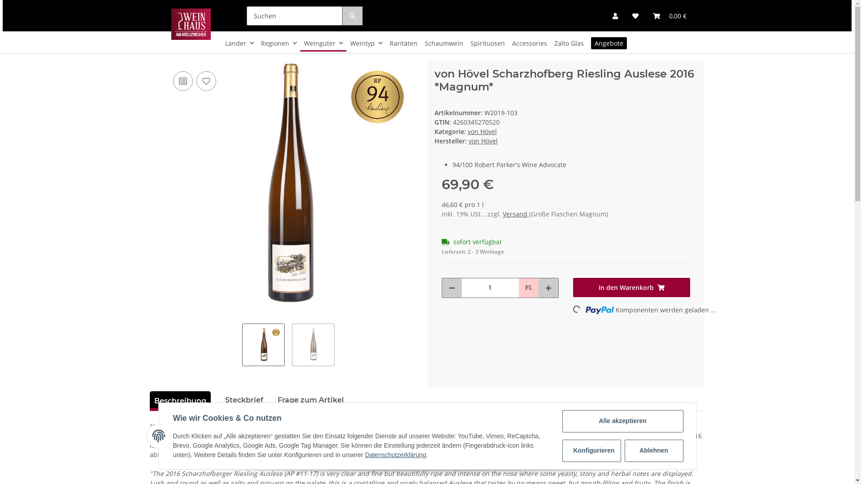 The width and height of the screenshot is (861, 484). Describe the element at coordinates (561, 451) in the screenshot. I see `'Konfigurieren'` at that location.